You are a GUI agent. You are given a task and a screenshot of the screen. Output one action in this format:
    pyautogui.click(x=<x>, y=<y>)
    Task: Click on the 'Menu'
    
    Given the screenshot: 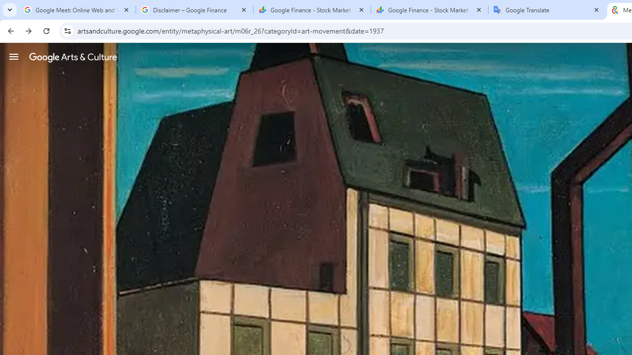 What is the action you would take?
    pyautogui.click(x=14, y=56)
    